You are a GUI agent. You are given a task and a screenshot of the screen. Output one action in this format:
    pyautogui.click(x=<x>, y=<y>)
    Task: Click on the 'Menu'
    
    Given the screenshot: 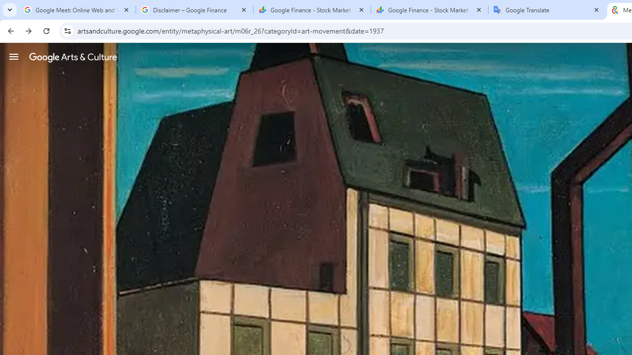 What is the action you would take?
    pyautogui.click(x=14, y=56)
    